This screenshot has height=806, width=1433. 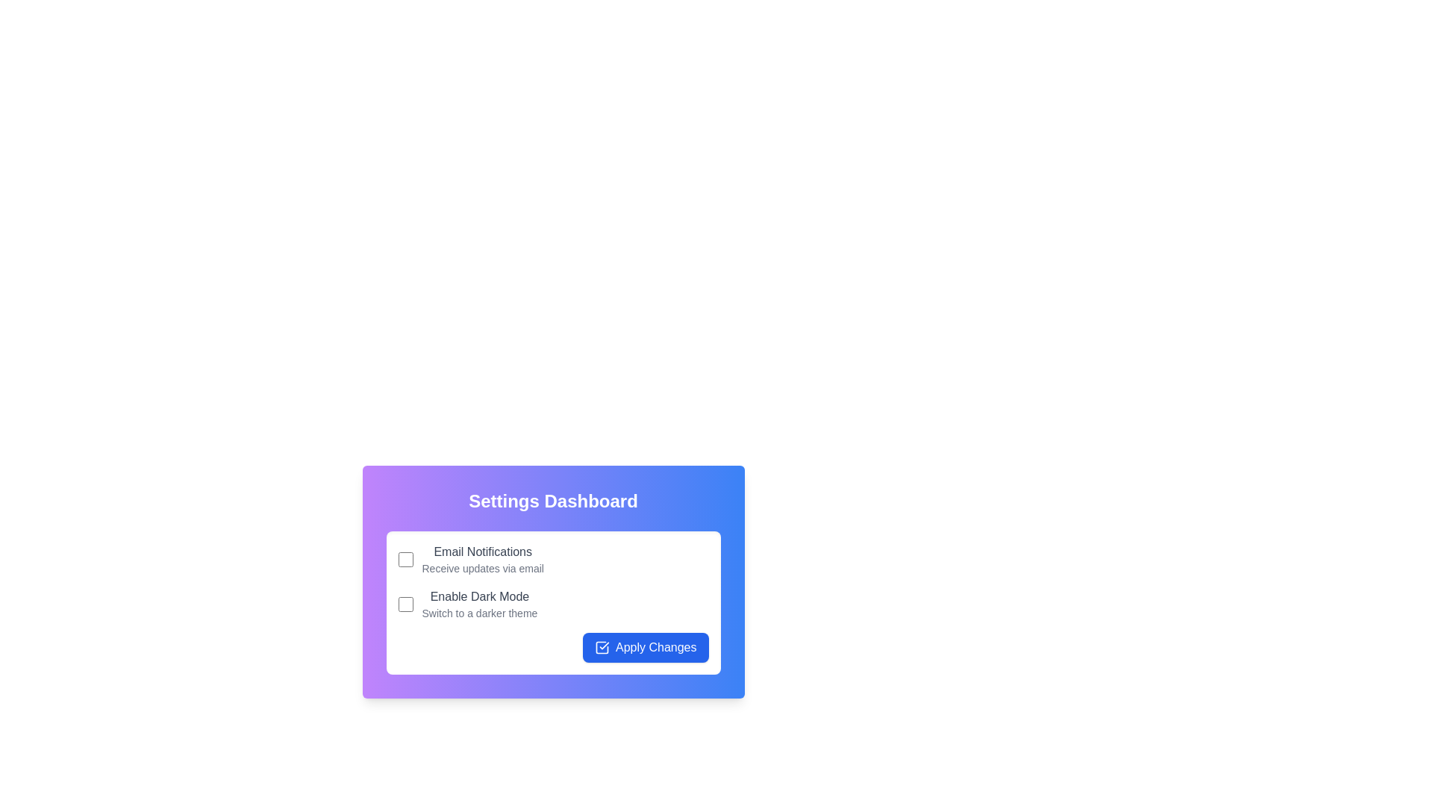 What do you see at coordinates (552, 602) in the screenshot?
I see `the checkboxes within the Card Component, which is a white card with rounded corners and a shadow, located slightly below the 'Settings Dashboard' title` at bounding box center [552, 602].